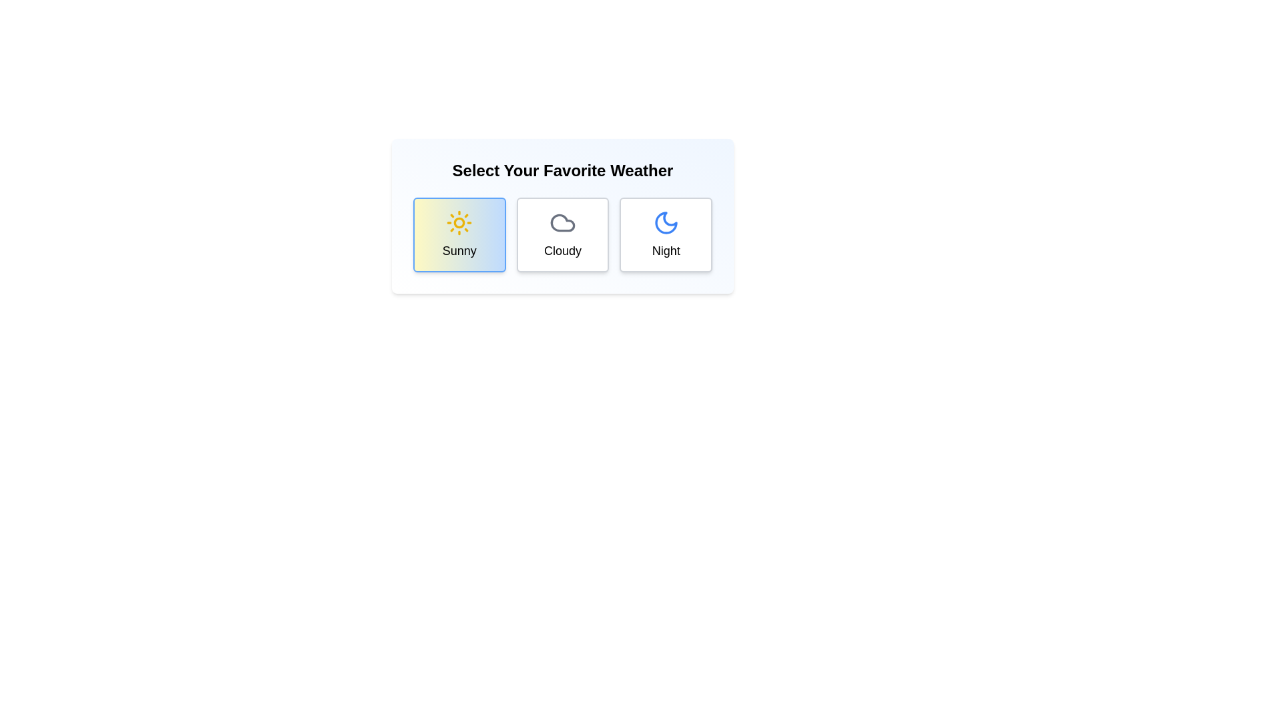  I want to click on the text label, so click(666, 250).